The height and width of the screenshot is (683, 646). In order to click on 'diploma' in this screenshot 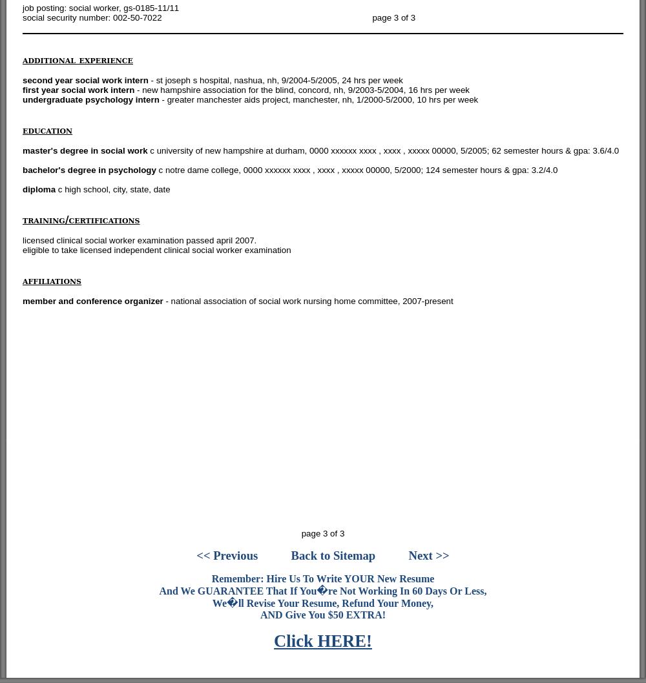, I will do `click(39, 189)`.